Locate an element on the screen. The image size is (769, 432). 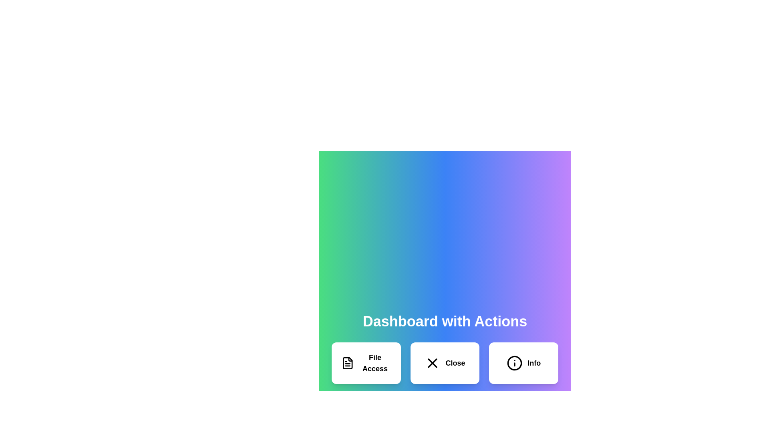
the 'File Access' button located at the bottom-left of the interface under the 'Dashboard with Actions' section, which contains the icon for visual representation is located at coordinates (348, 363).